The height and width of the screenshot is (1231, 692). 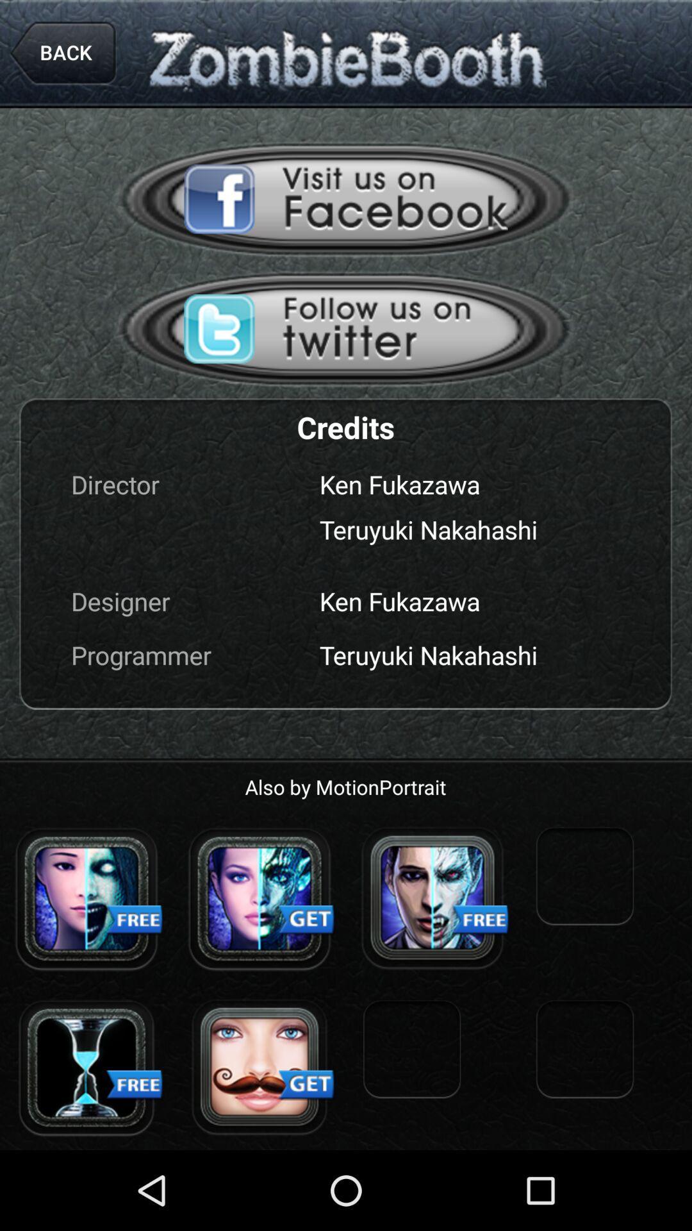 What do you see at coordinates (259, 898) in the screenshot?
I see `the second picture under the text also motiom portrait` at bounding box center [259, 898].